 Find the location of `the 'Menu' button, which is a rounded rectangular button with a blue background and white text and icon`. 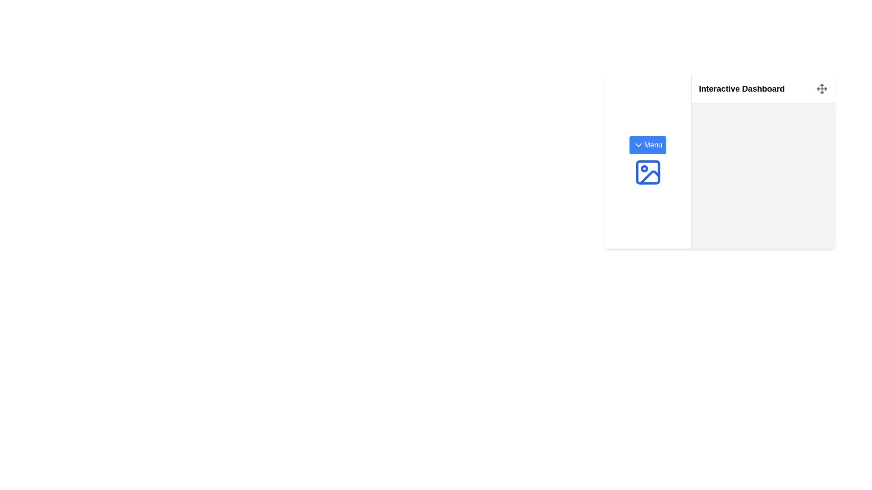

the 'Menu' button, which is a rounded rectangular button with a blue background and white text and icon is located at coordinates (647, 145).